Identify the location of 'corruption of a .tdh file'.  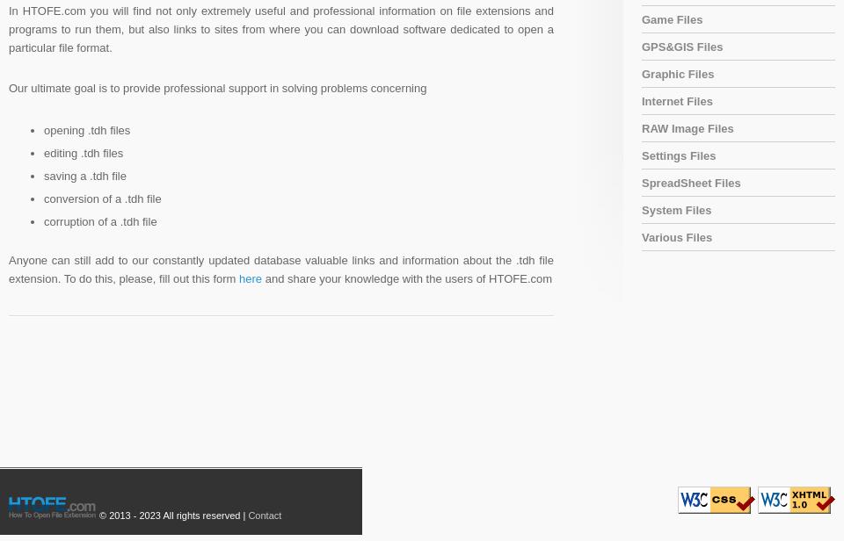
(100, 220).